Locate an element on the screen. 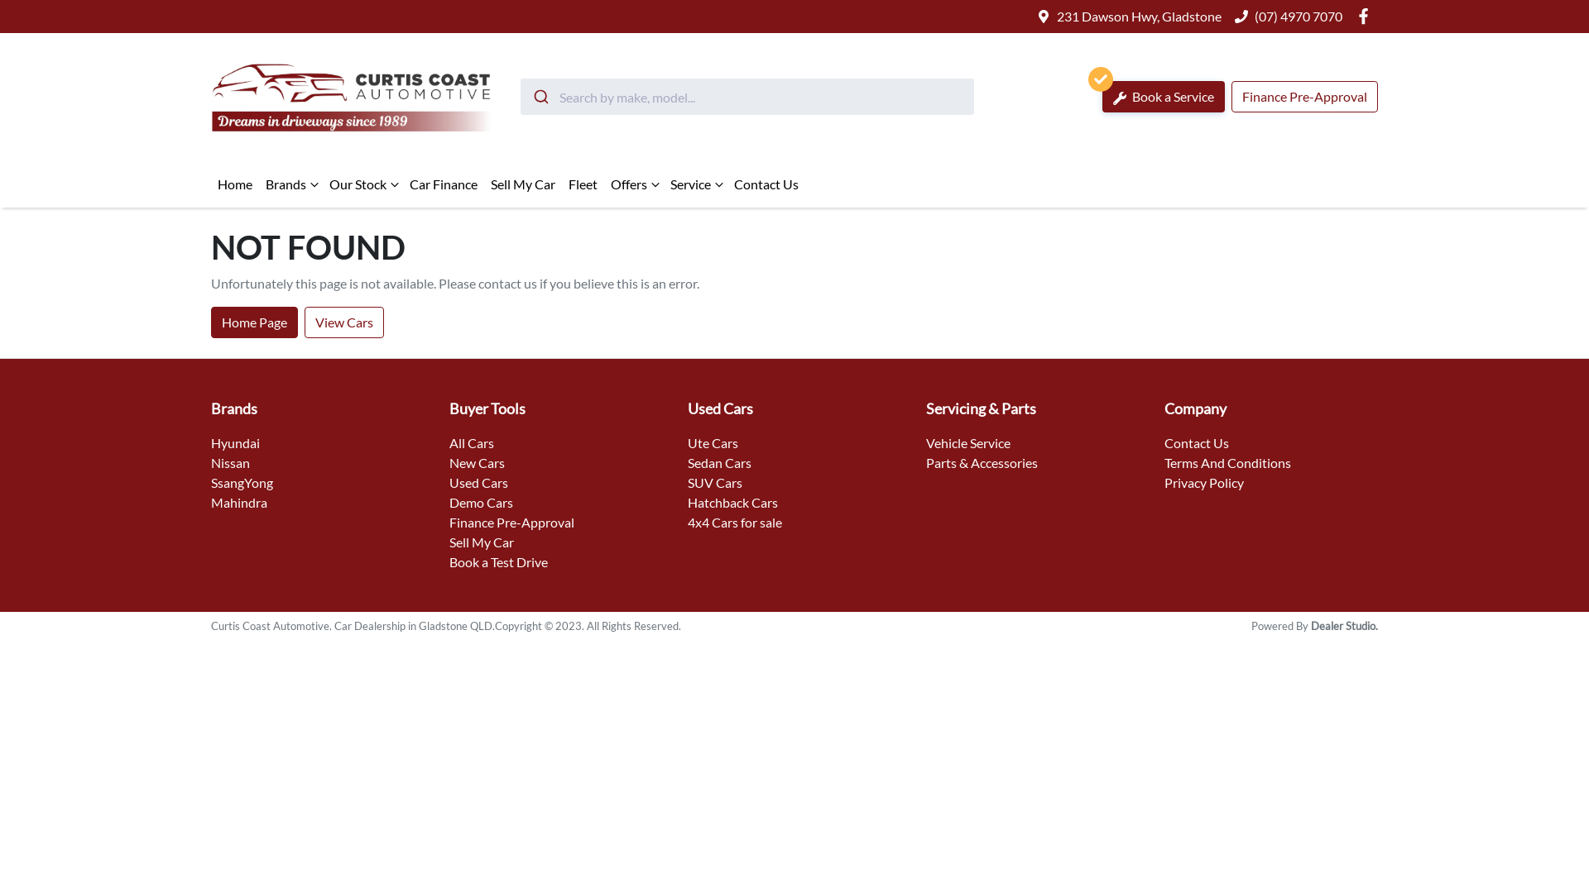 The image size is (1589, 893). 'Nissan' is located at coordinates (209, 462).